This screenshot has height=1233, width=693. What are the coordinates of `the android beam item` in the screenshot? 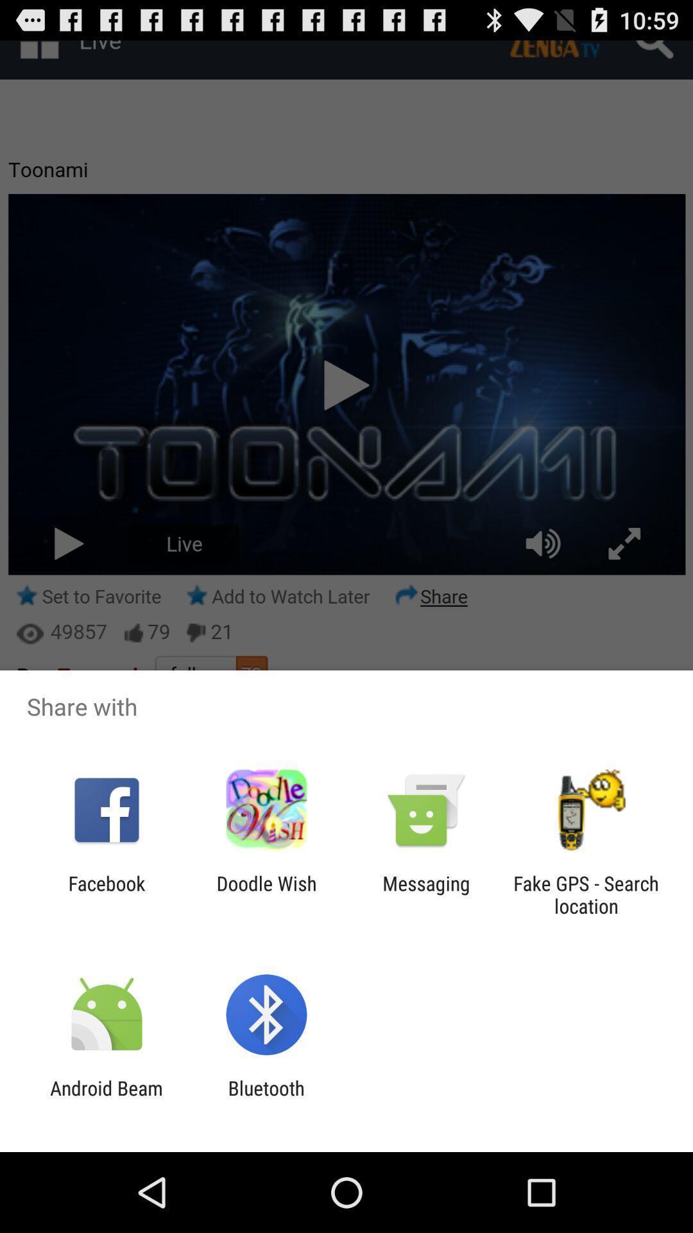 It's located at (106, 1099).